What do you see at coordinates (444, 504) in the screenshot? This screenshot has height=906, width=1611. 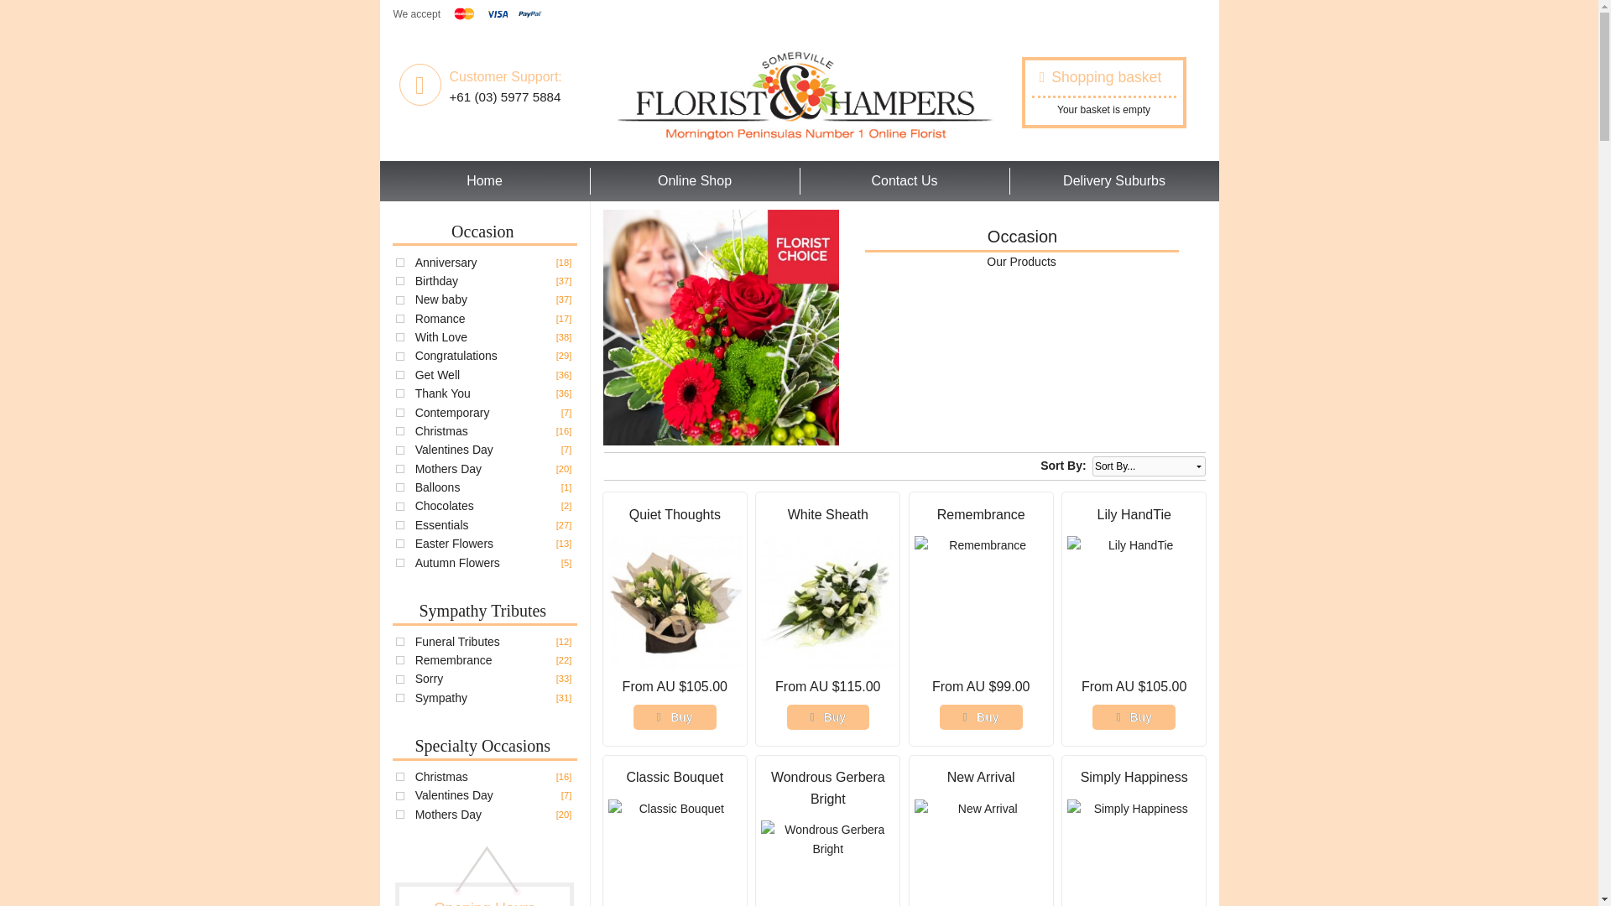 I see `'Chocolates` at bounding box center [444, 504].